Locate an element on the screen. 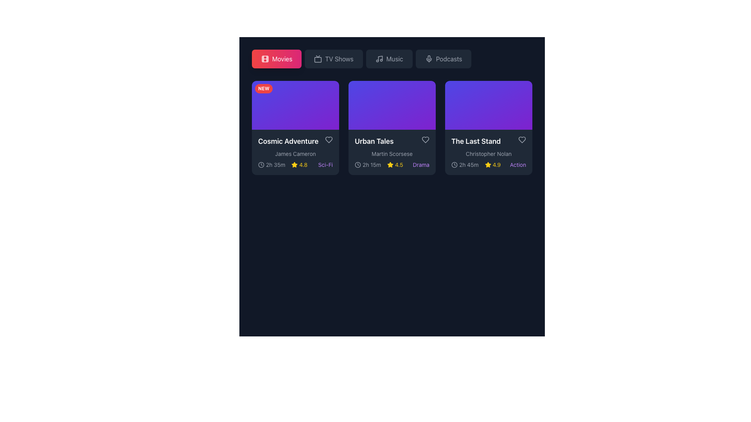 The width and height of the screenshot is (751, 422). the text label displaying the title 'Cosmic Adventure', which is styled in white with a bold font and is located at the top-left of the movie card is located at coordinates (288, 141).